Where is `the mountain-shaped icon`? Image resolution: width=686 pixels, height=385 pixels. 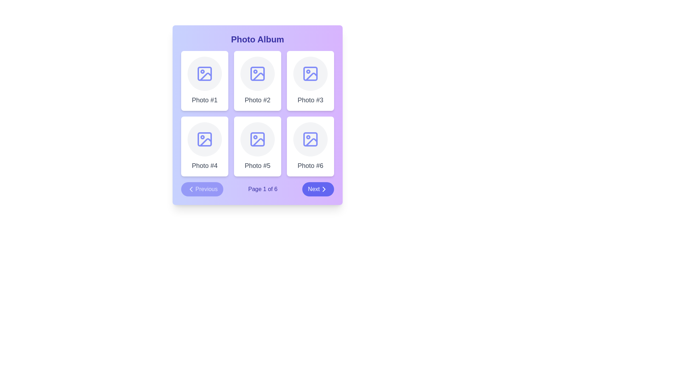
the mountain-shaped icon is located at coordinates (312, 77).